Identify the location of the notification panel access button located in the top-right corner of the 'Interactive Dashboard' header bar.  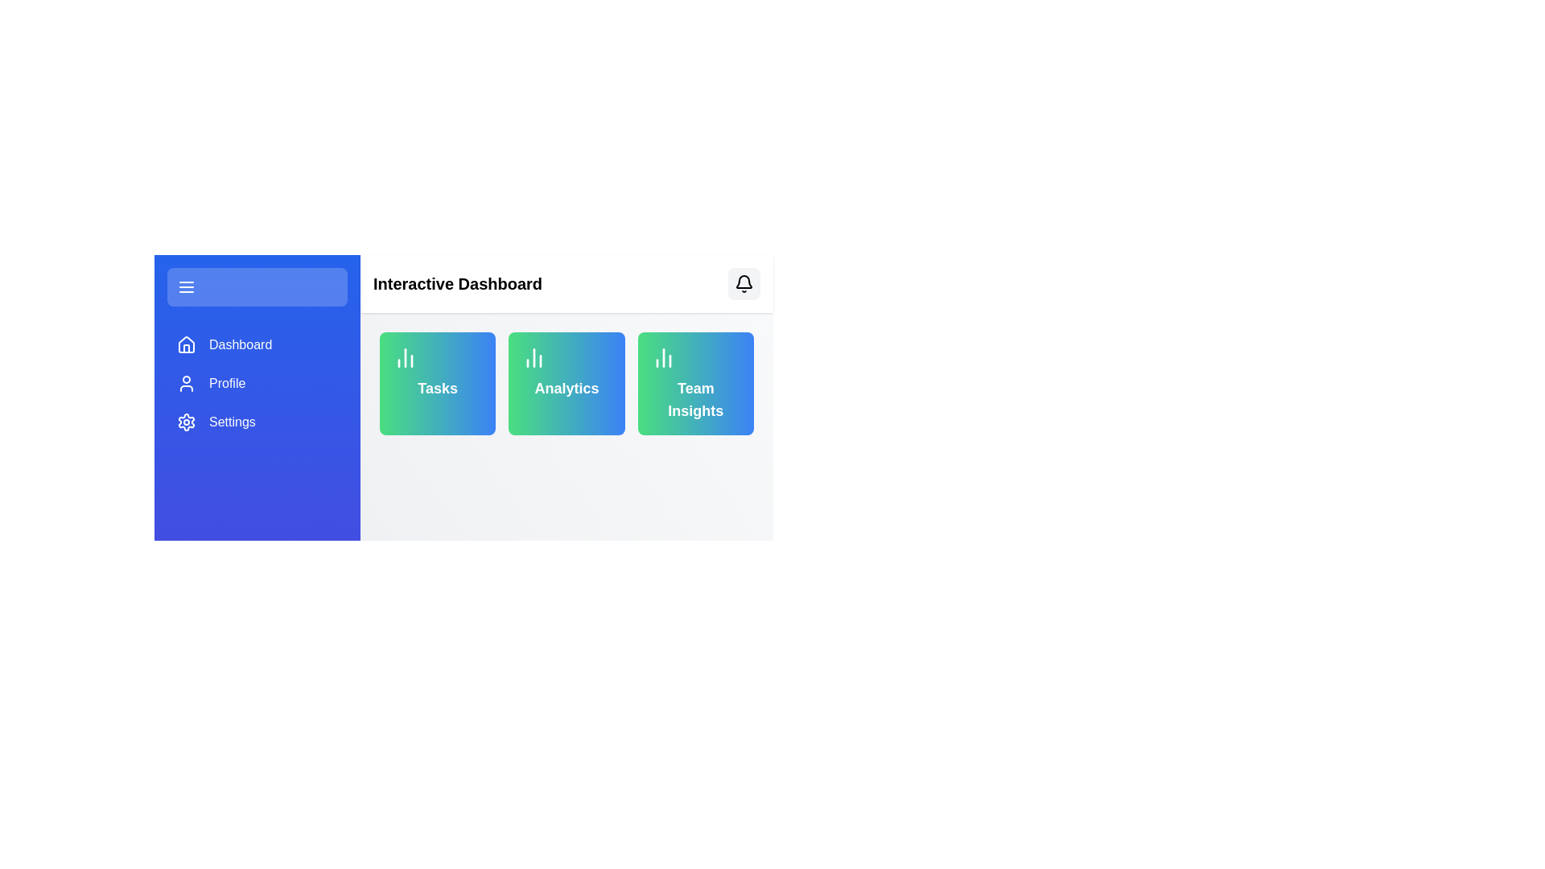
(744, 283).